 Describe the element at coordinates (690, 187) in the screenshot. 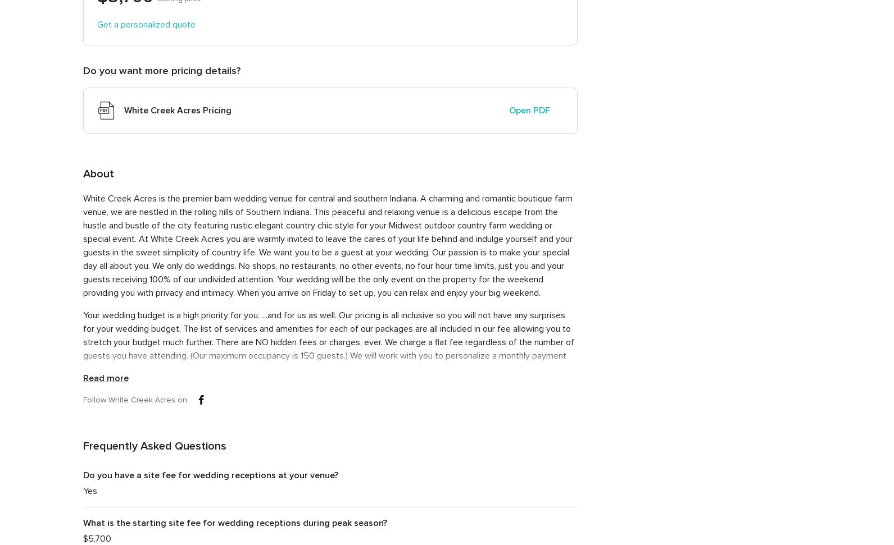

I see `'4.8'` at that location.